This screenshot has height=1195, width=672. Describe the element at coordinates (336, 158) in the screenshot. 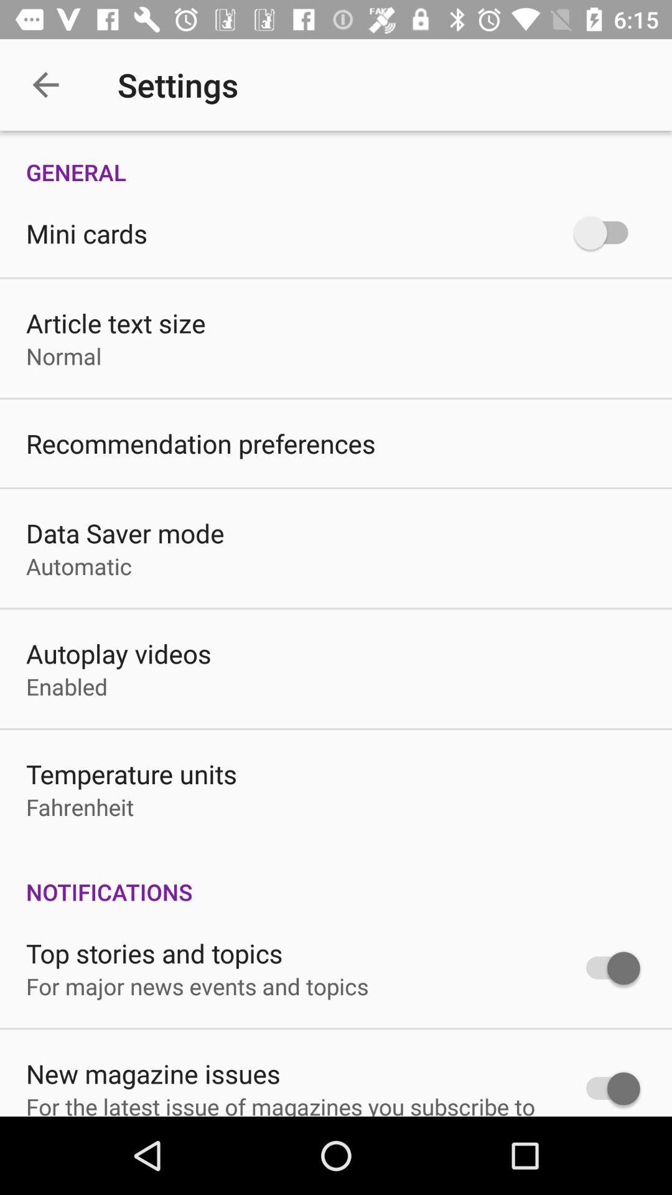

I see `general icon` at that location.